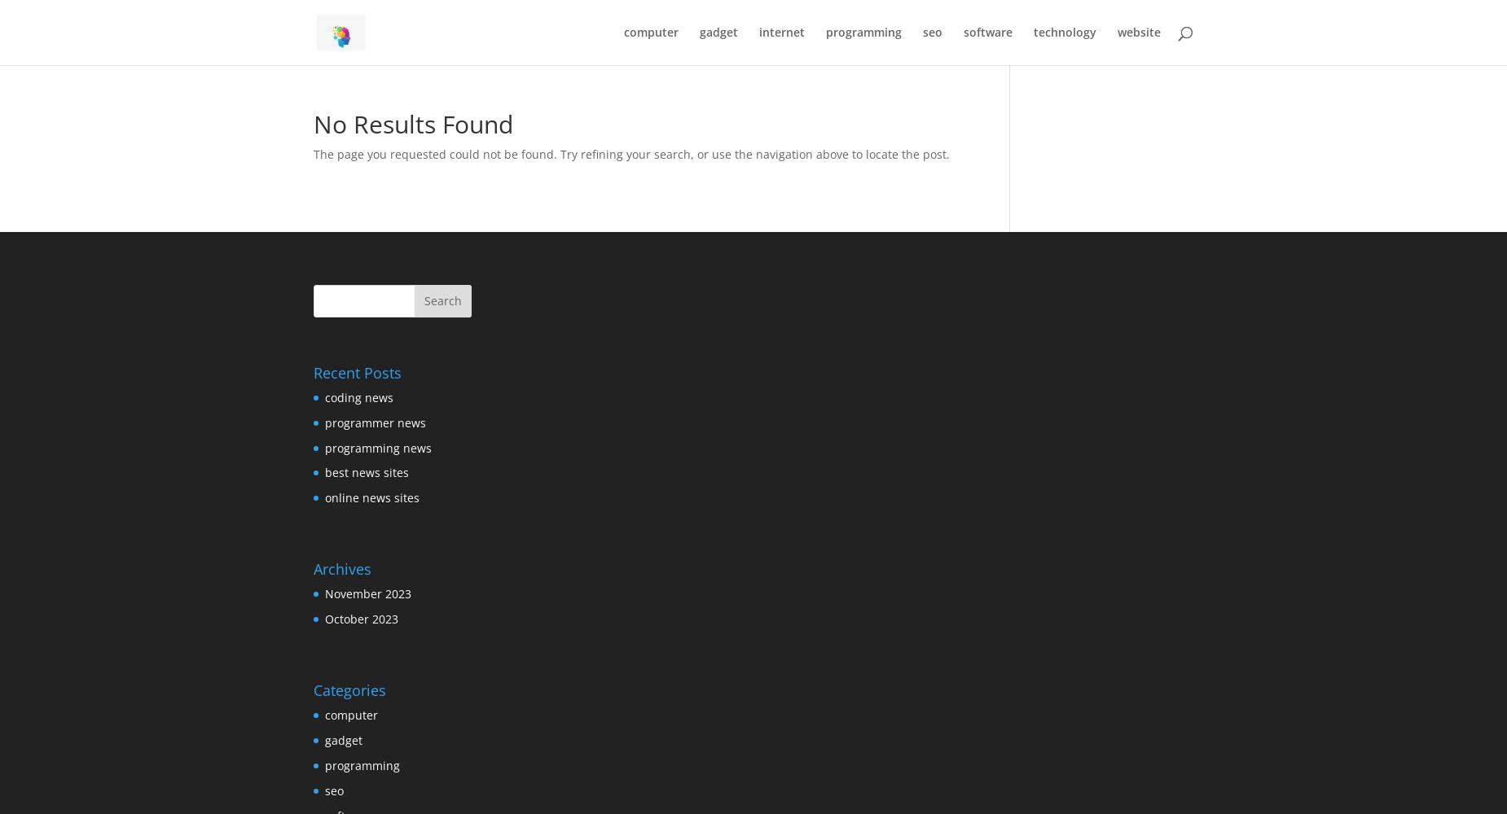 This screenshot has width=1507, height=814. What do you see at coordinates (367, 593) in the screenshot?
I see `'November 2023'` at bounding box center [367, 593].